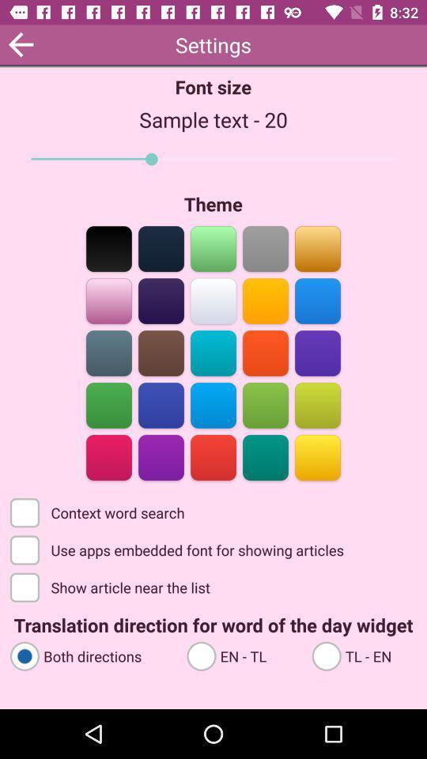 Image resolution: width=427 pixels, height=759 pixels. I want to click on theme color option, so click(265, 247).